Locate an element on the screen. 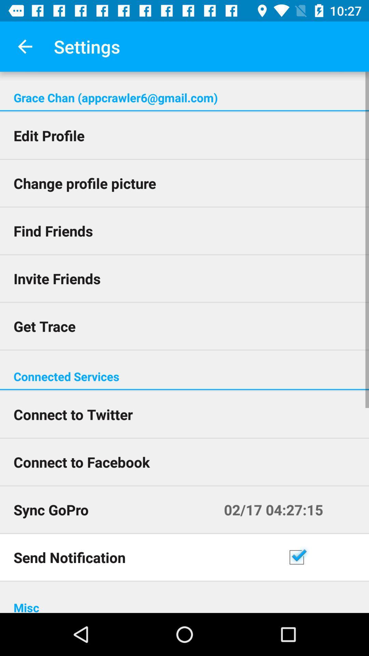  the icon above the grace chan appcrawler6 item is located at coordinates (25, 46).